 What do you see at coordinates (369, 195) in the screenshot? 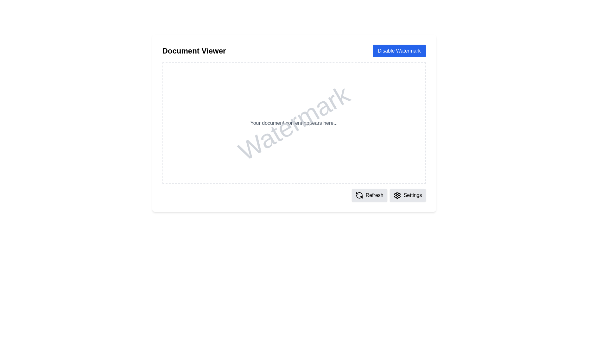
I see `the 'Refresh' button, which has rounded edges, a shadow, a light gray background, a refresh arrow icon on the left, and the text 'Refresh' on the right` at bounding box center [369, 195].